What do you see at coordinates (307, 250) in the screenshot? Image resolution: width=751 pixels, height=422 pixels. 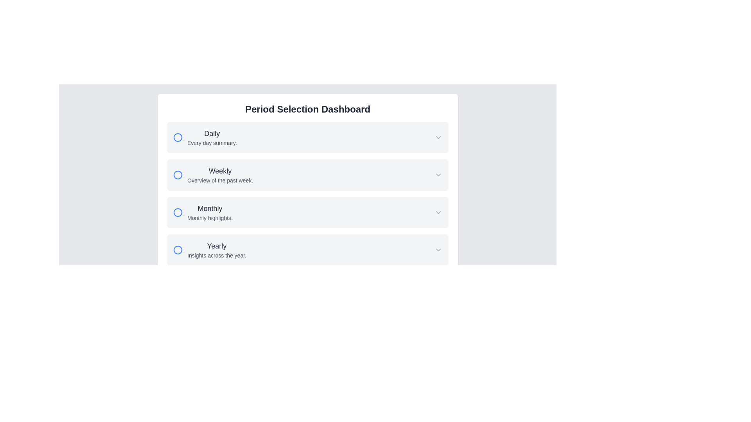 I see `the fourth selectable list item for viewing yearly insights, which is located at the bottom of the vertical stack of options labeled 'Daily', 'Weekly', and 'Monthly'` at bounding box center [307, 250].